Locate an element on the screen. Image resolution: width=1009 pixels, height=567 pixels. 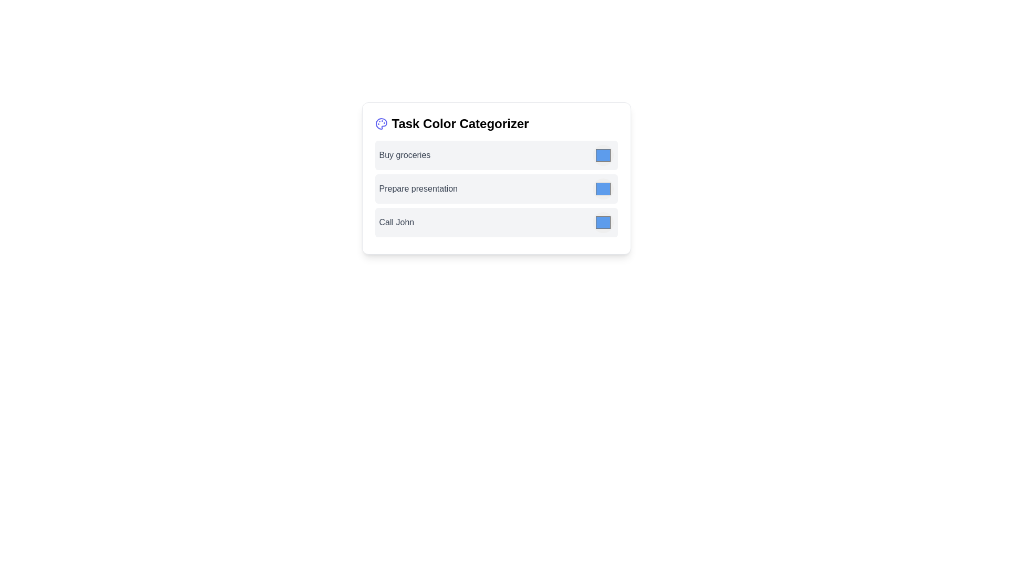
the task item labeled 'Call John' in the third row of the to-do list is located at coordinates (496, 222).